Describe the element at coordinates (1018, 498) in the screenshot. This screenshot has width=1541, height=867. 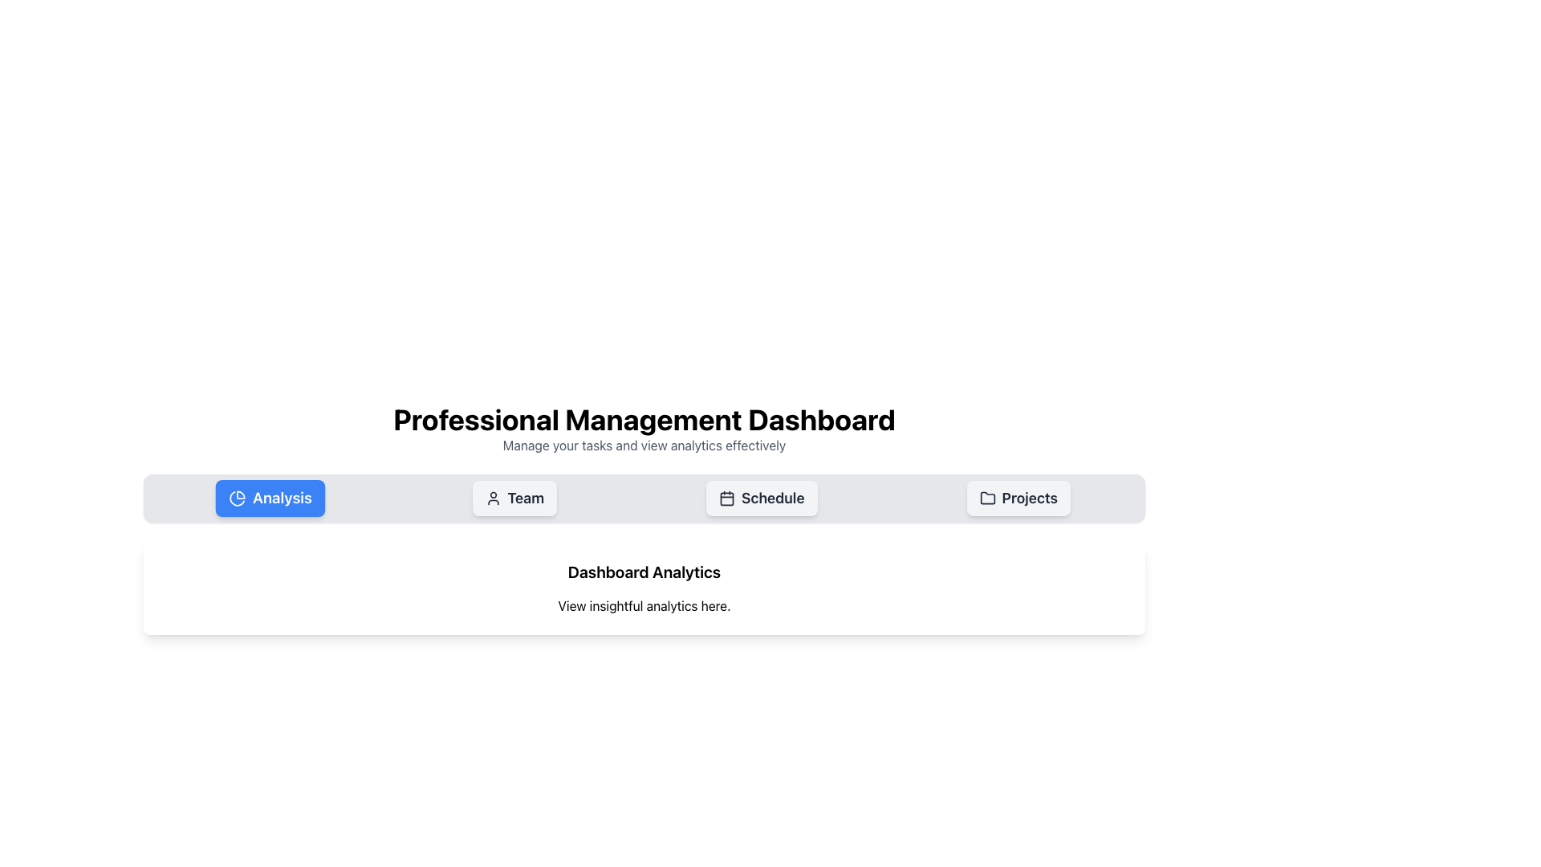
I see `the 'Projects' button, which is the fourth button in a group of buttons styled with a light-gray background and dark-gray text` at that location.